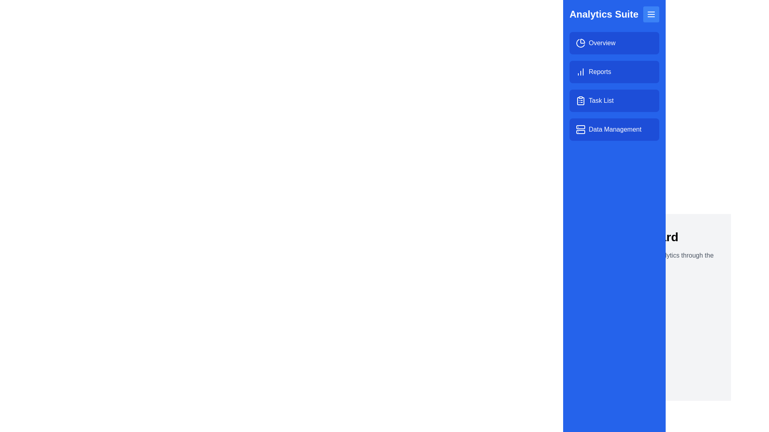 This screenshot has width=769, height=432. Describe the element at coordinates (614, 72) in the screenshot. I see `the menu item labeled Reports to navigate to its respective section` at that location.